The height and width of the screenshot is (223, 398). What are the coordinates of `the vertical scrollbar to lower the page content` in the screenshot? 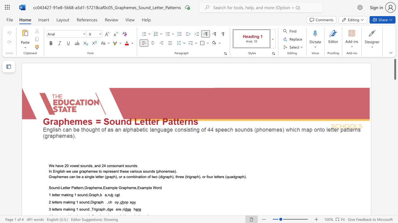 It's located at (395, 182).